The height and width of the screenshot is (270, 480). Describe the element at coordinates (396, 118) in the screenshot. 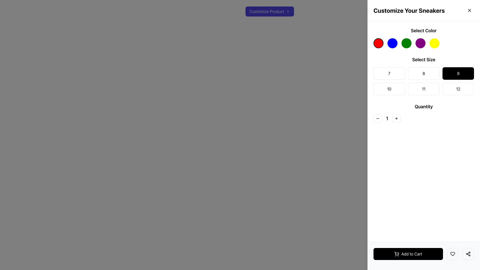

I see `the icon button with a plus sign symbol located in the quantity adjustment section` at that location.